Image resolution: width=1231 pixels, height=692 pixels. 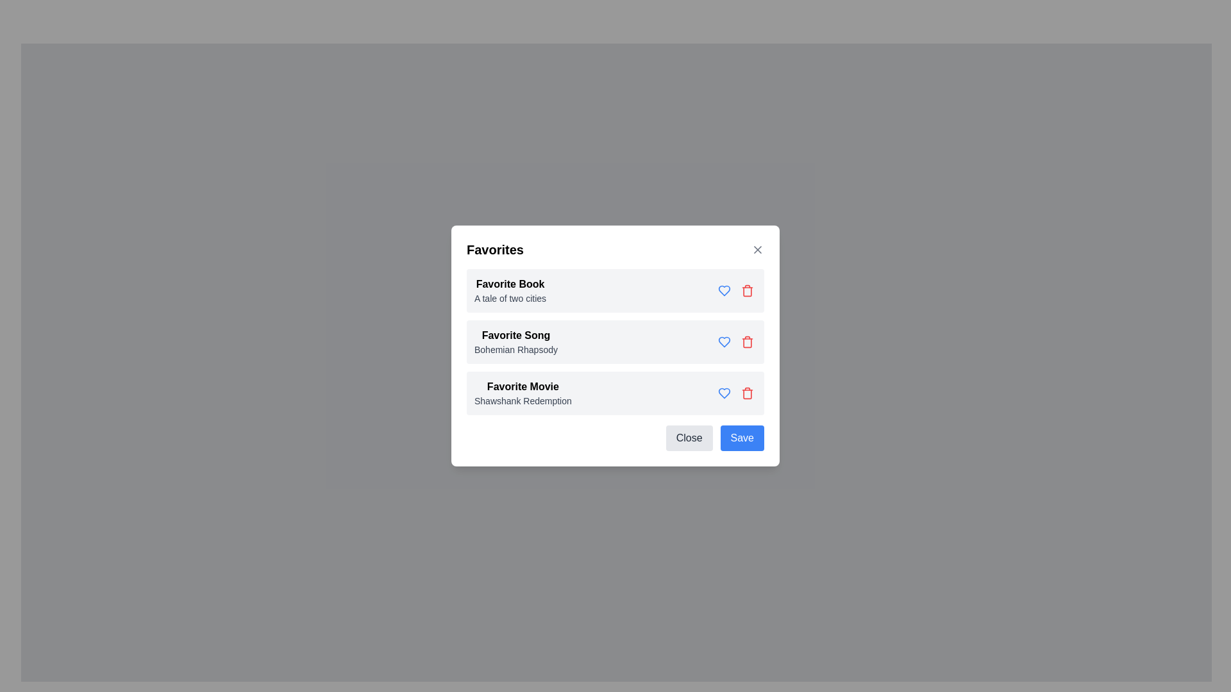 I want to click on the Icon Button indicating an actionable favorite or like option for the song, which is located to the right of the 'Favorite Song' label in the second row of the list inside the modal, so click(x=724, y=341).